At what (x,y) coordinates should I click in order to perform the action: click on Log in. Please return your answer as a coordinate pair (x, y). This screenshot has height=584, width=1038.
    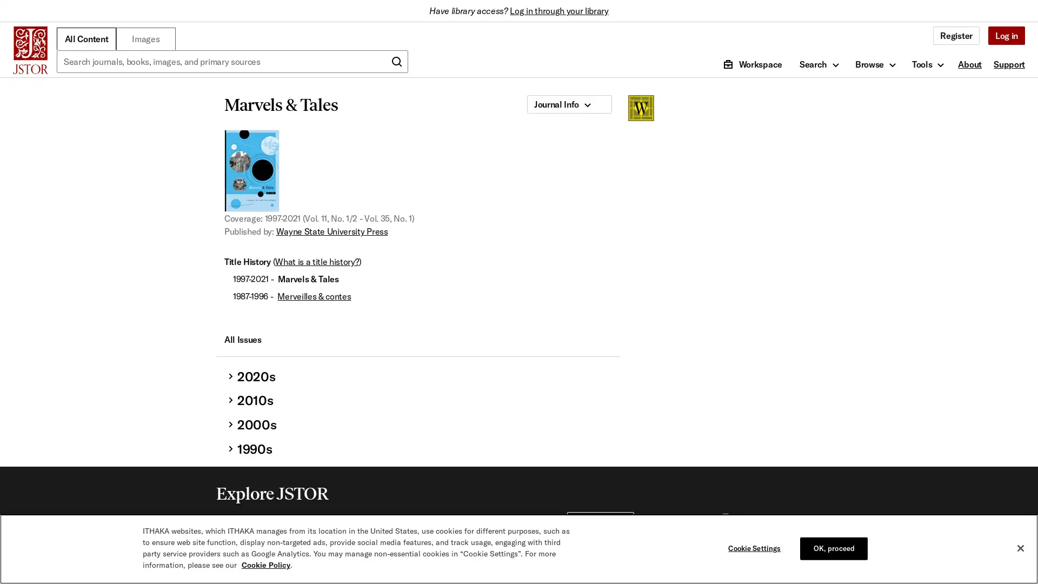
    Looking at the image, I should click on (1006, 35).